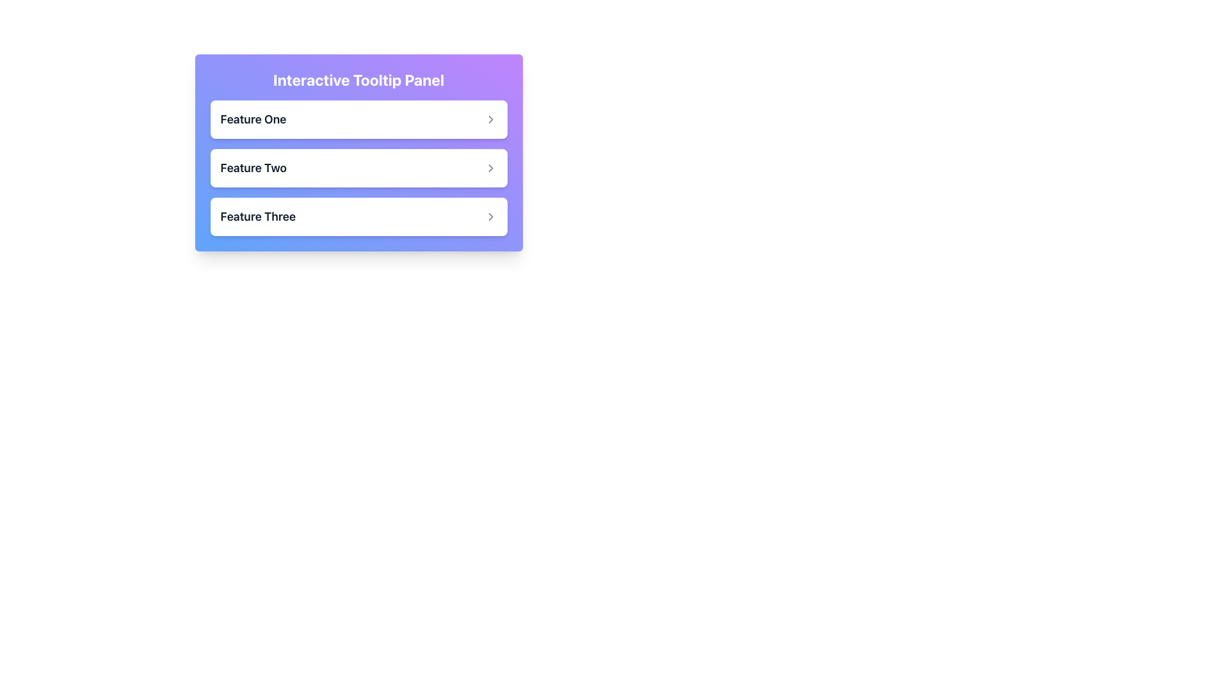  What do you see at coordinates (490, 216) in the screenshot?
I see `the interactive chevron icon on the far right of the 'Feature Three' row in the tooltip panel` at bounding box center [490, 216].